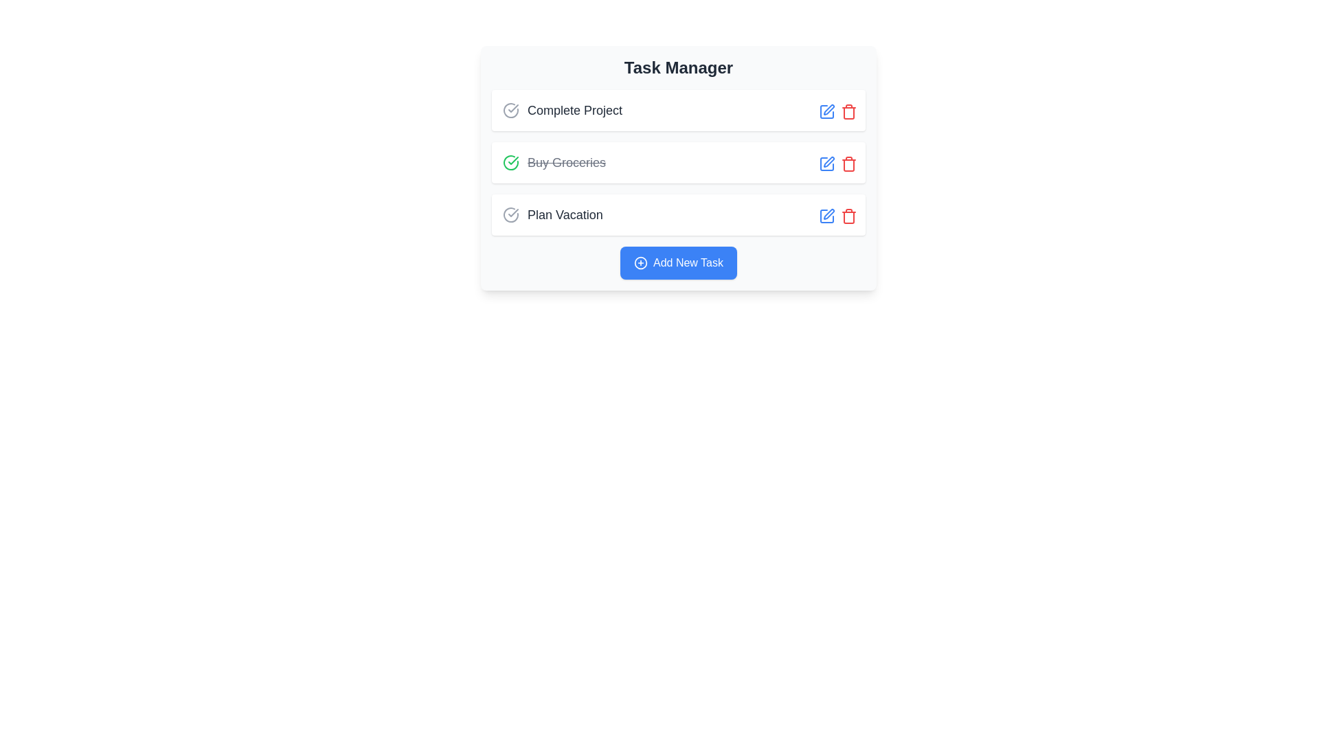 This screenshot has width=1319, height=742. Describe the element at coordinates (510, 214) in the screenshot. I see `the SVG Vector Graphic Element that represents a checkmark design for the third task in the list, aligned to the left of the text 'Plan Vacation'` at that location.